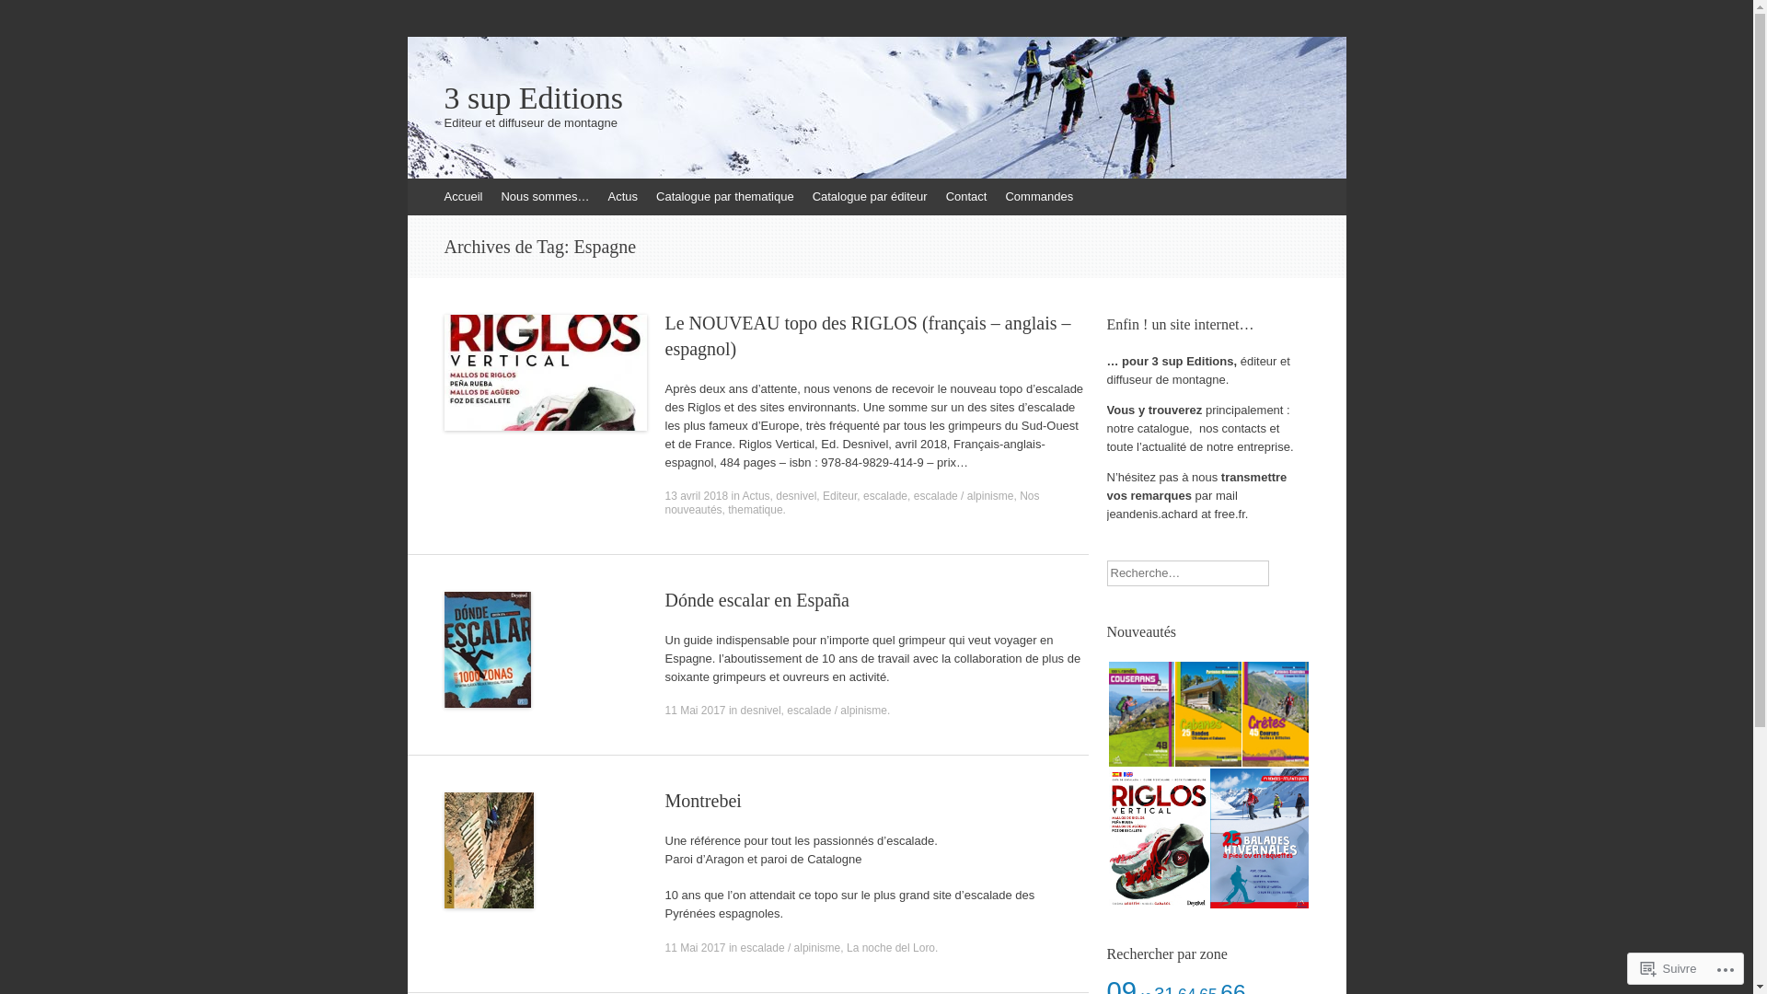 The width and height of the screenshot is (1767, 994). What do you see at coordinates (693, 709) in the screenshot?
I see `'11 Mai 2017'` at bounding box center [693, 709].